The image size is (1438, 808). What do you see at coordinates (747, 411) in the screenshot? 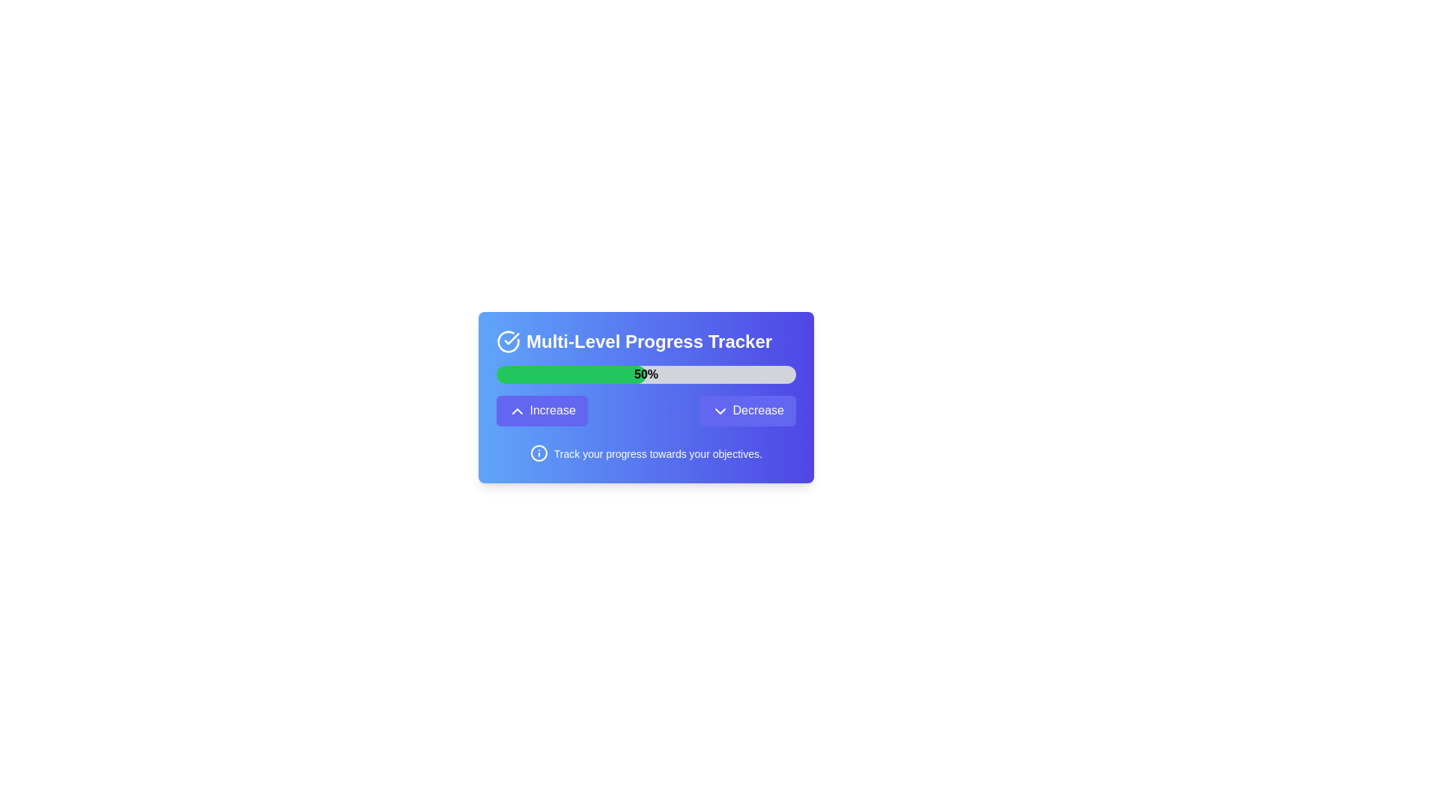
I see `the 'Decrease' button, which has a blue background, rounded corners, and a downward-pointing chevron icon` at bounding box center [747, 411].